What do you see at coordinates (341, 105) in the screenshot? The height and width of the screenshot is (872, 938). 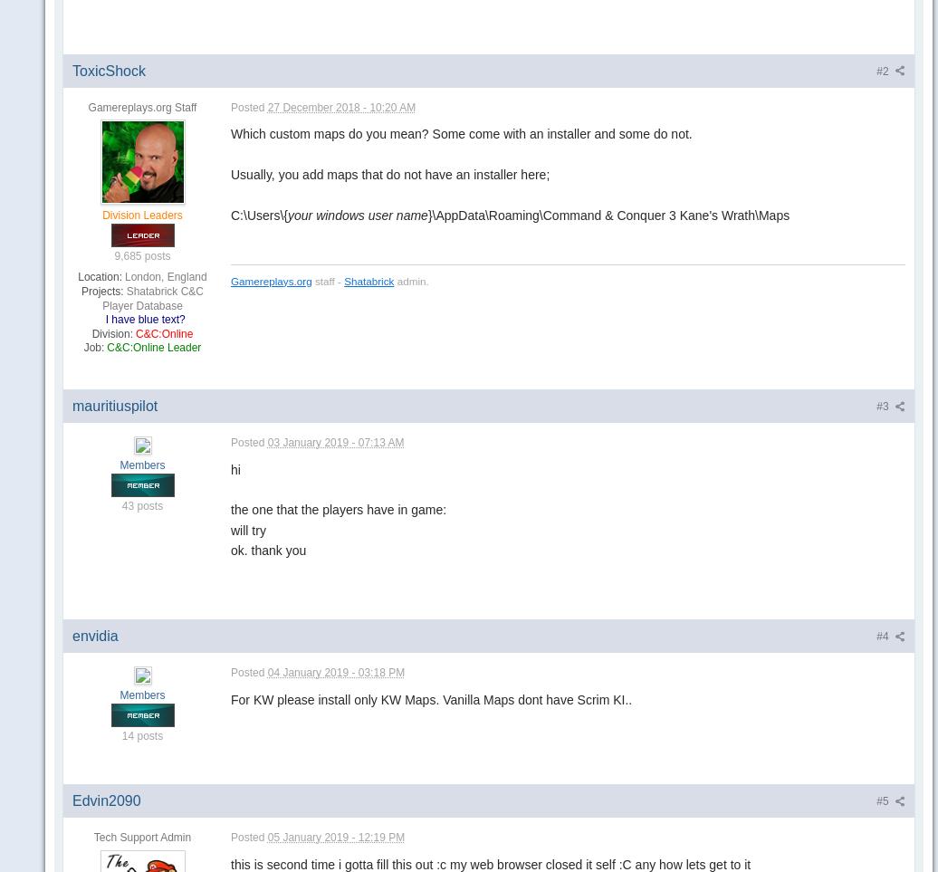 I see `'27 December 2018 - 10:20 AM'` at bounding box center [341, 105].